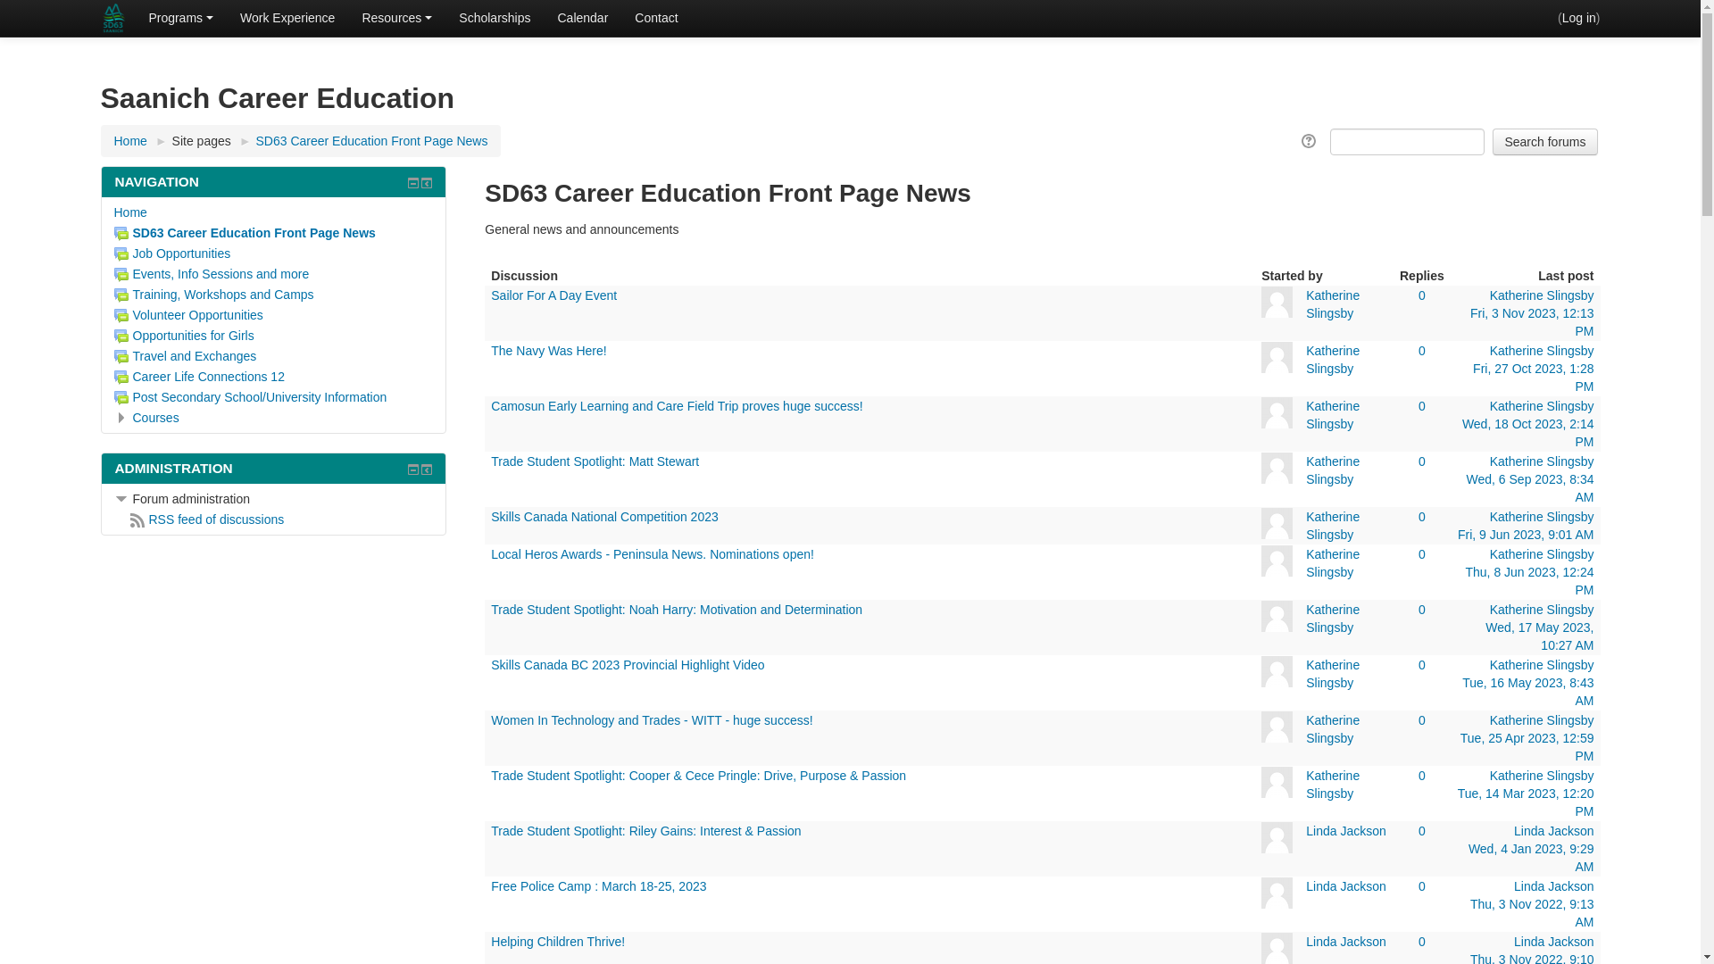 The image size is (1714, 964). I want to click on 'Sailor For A Day Event', so click(491, 295).